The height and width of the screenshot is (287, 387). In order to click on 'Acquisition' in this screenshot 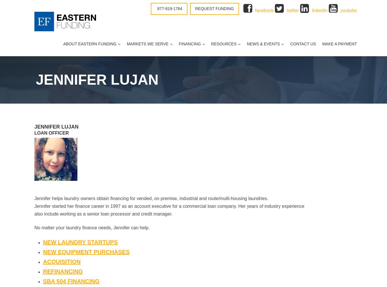, I will do `click(43, 261)`.